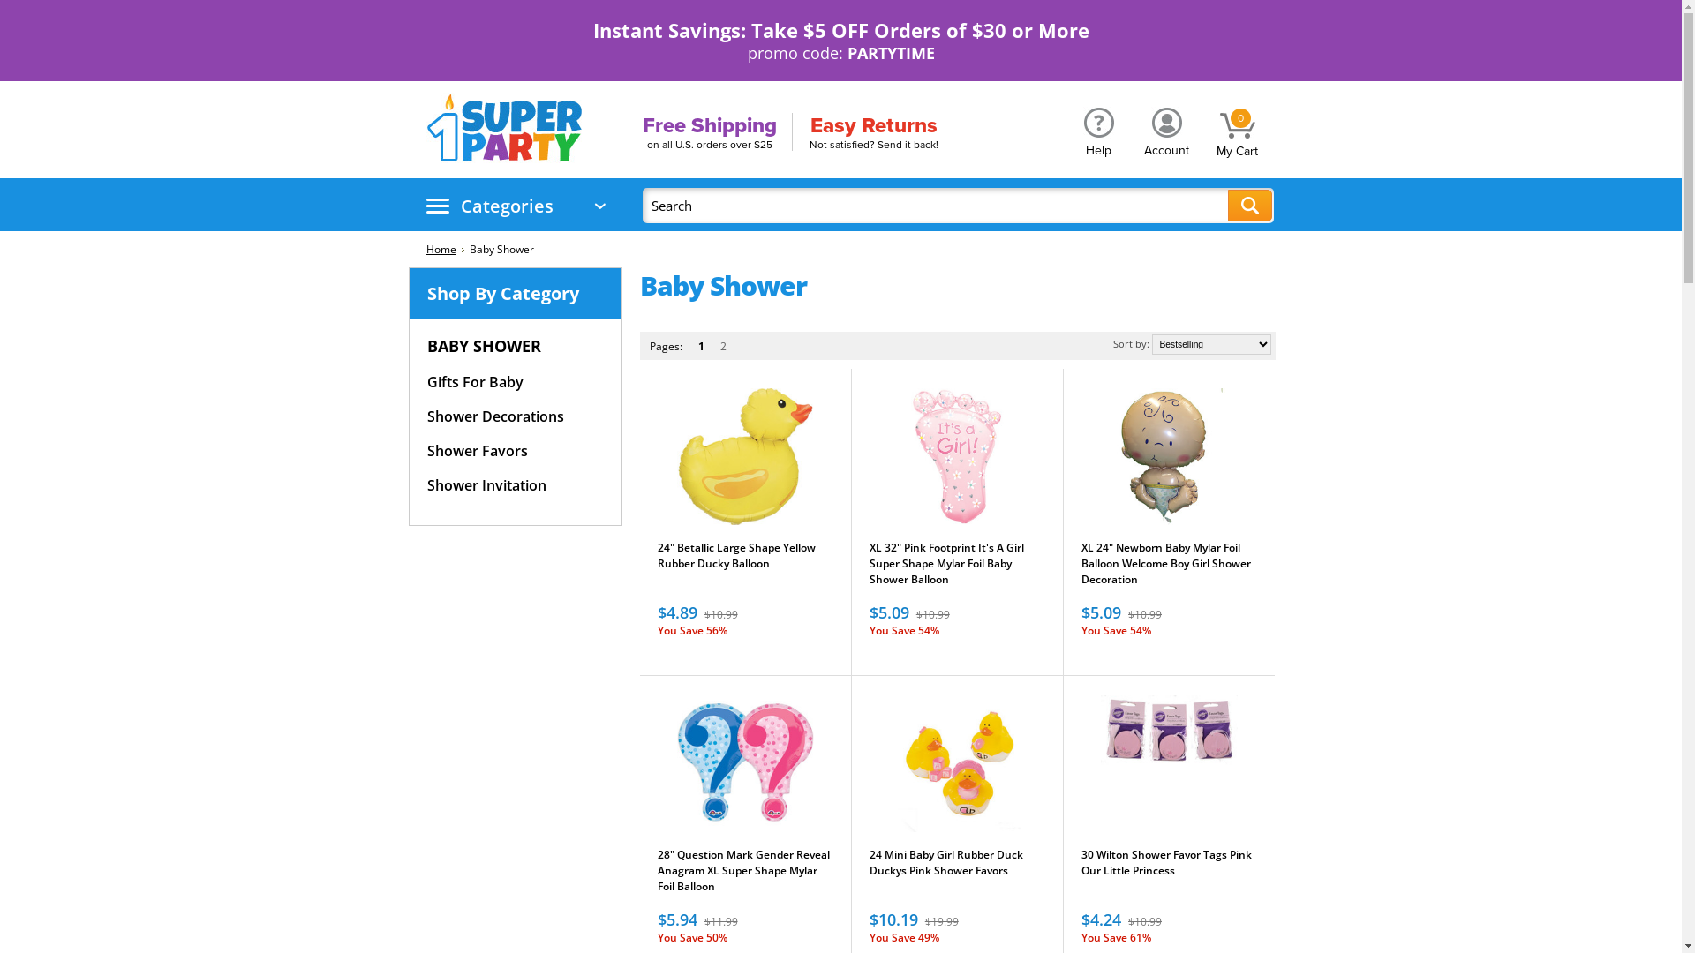 This screenshot has width=1695, height=953. What do you see at coordinates (869, 870) in the screenshot?
I see `'24 Mini Baby Girl Rubber Duck Duckys Pink Shower Favors'` at bounding box center [869, 870].